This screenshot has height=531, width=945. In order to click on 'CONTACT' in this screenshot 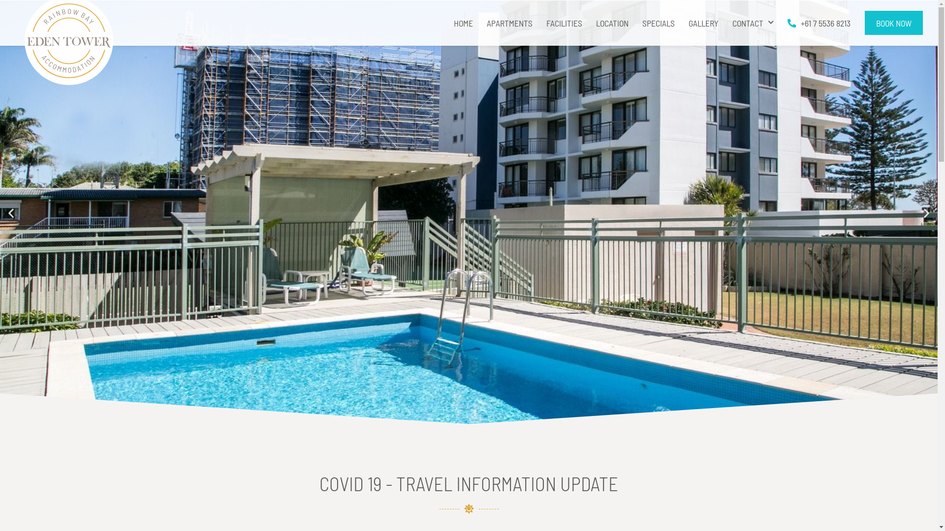, I will do `click(753, 22)`.